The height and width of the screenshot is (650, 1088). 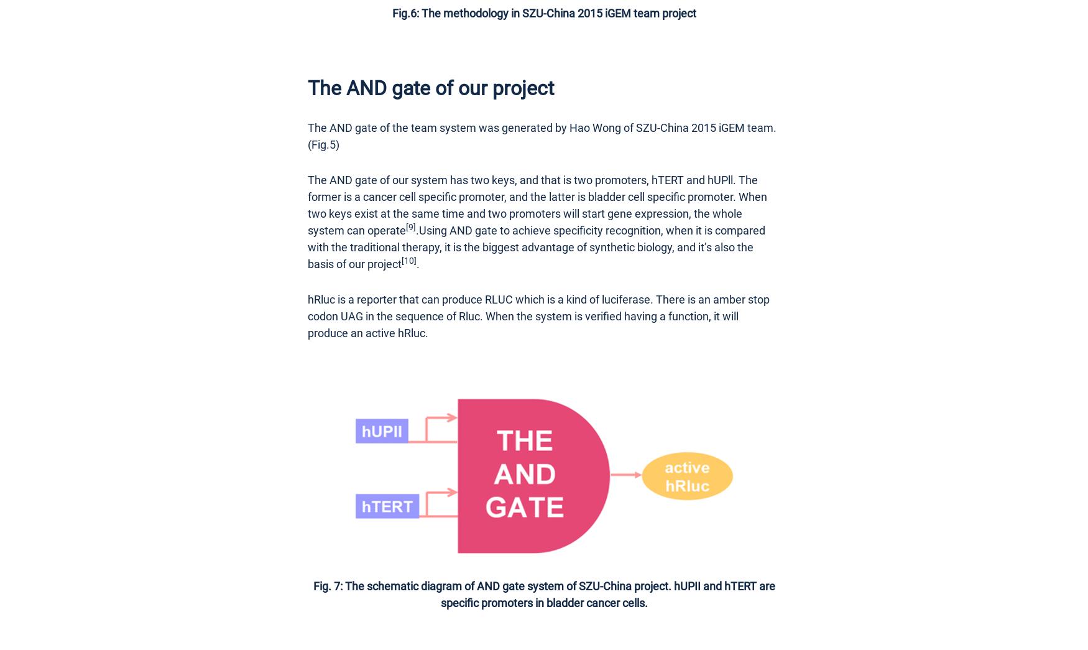 I want to click on 'Fig.6: The methodology in SZU-China 2015 iGEM team project', so click(x=543, y=12).